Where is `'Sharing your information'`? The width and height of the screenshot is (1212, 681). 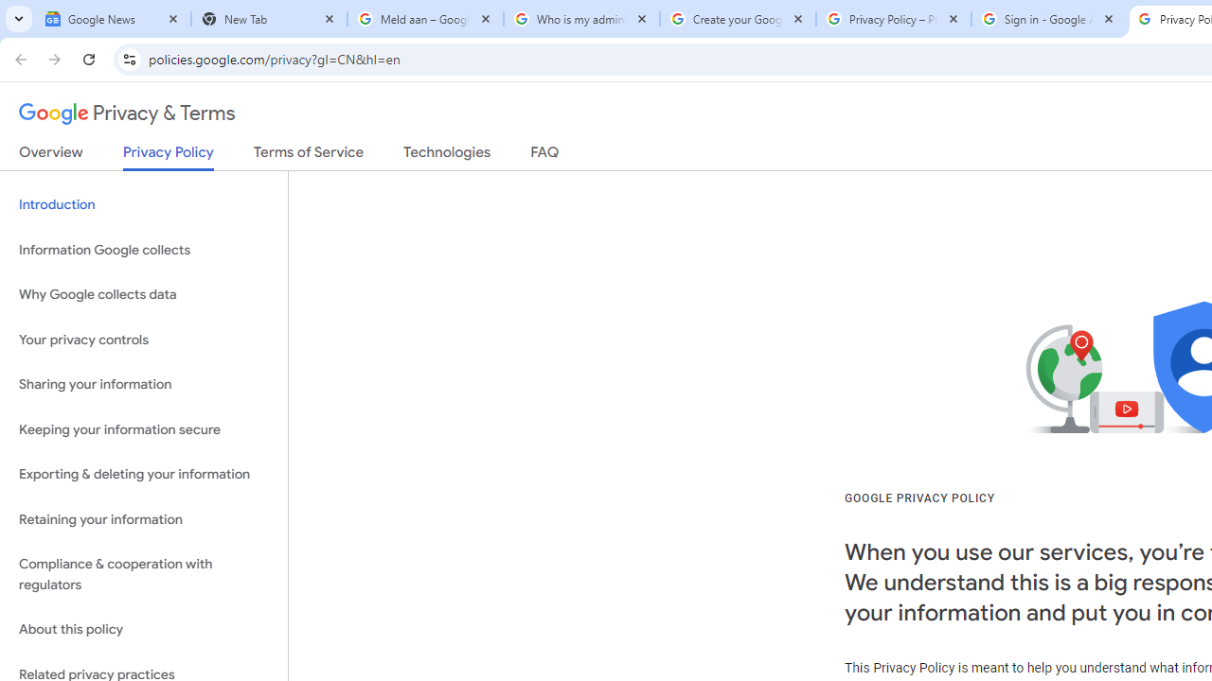
'Sharing your information' is located at coordinates (143, 384).